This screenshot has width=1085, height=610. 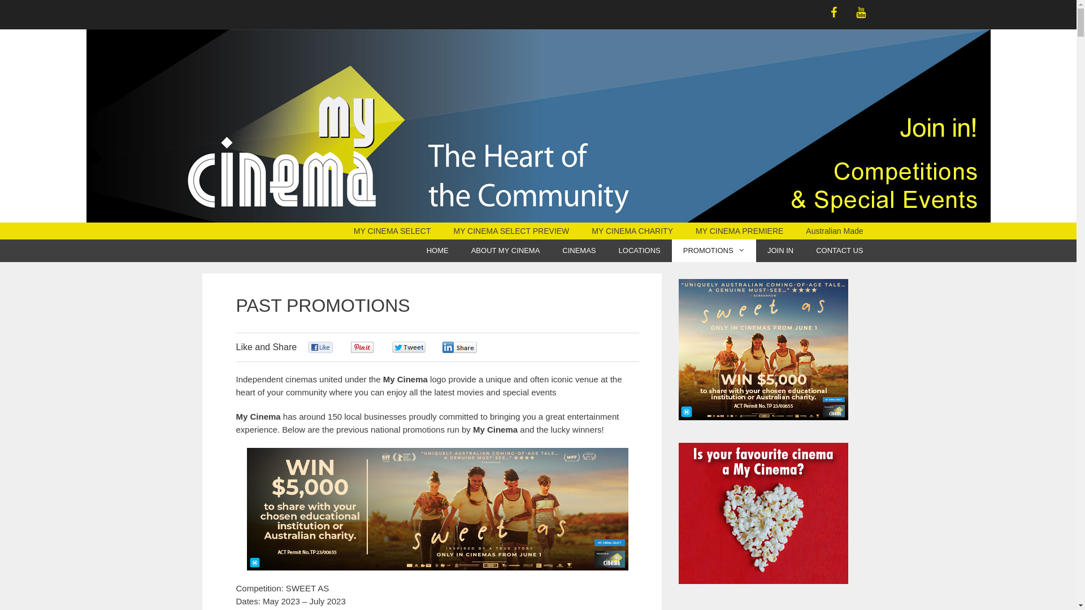 I want to click on 'Facebook', so click(x=834, y=13).